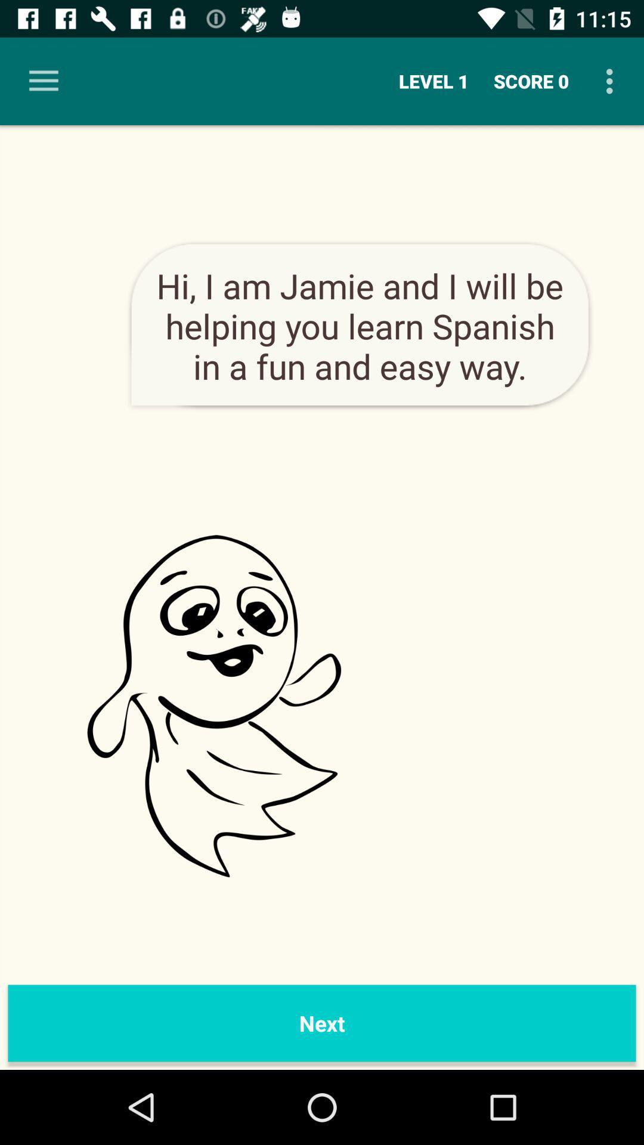  I want to click on item to the right of the score 0 icon, so click(612, 81).